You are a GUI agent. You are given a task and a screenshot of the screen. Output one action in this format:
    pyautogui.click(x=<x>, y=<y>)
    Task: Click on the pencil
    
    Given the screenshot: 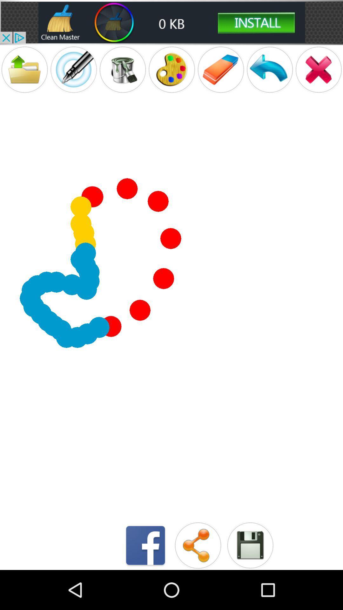 What is the action you would take?
    pyautogui.click(x=73, y=70)
    